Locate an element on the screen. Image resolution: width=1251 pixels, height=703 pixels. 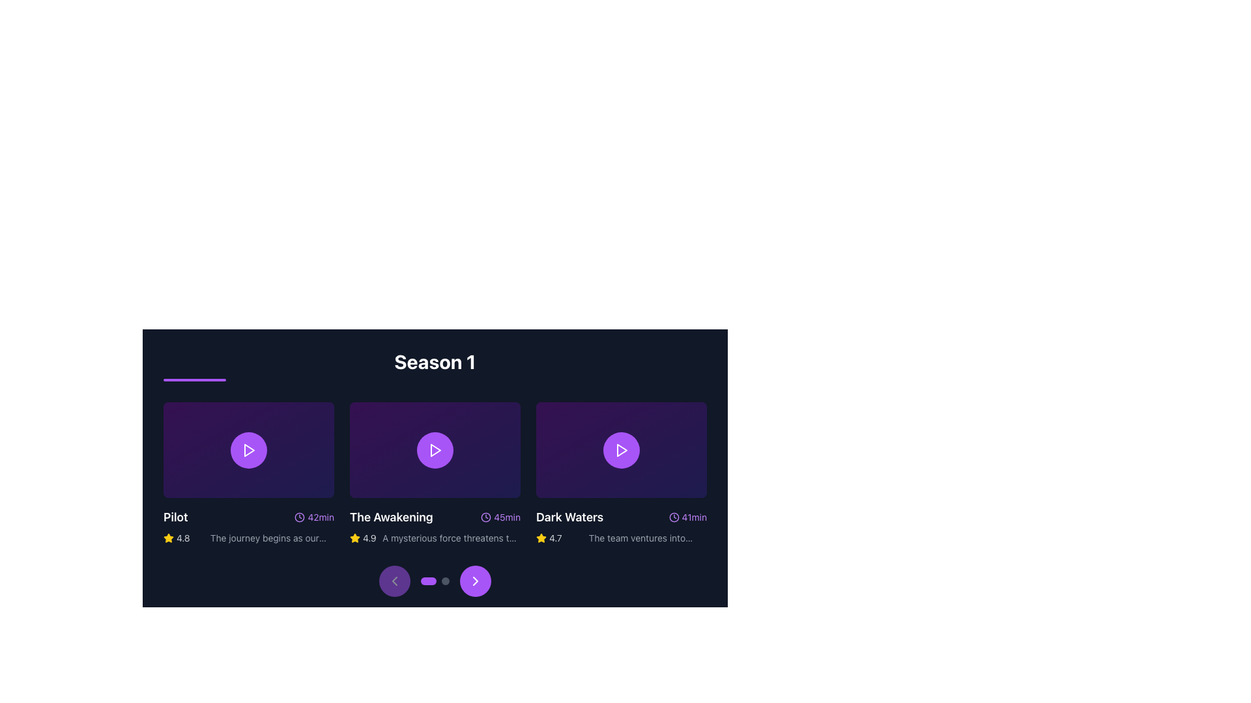
the play icon on the third card in the grid layout that presents an episode or content item is located at coordinates (621, 473).